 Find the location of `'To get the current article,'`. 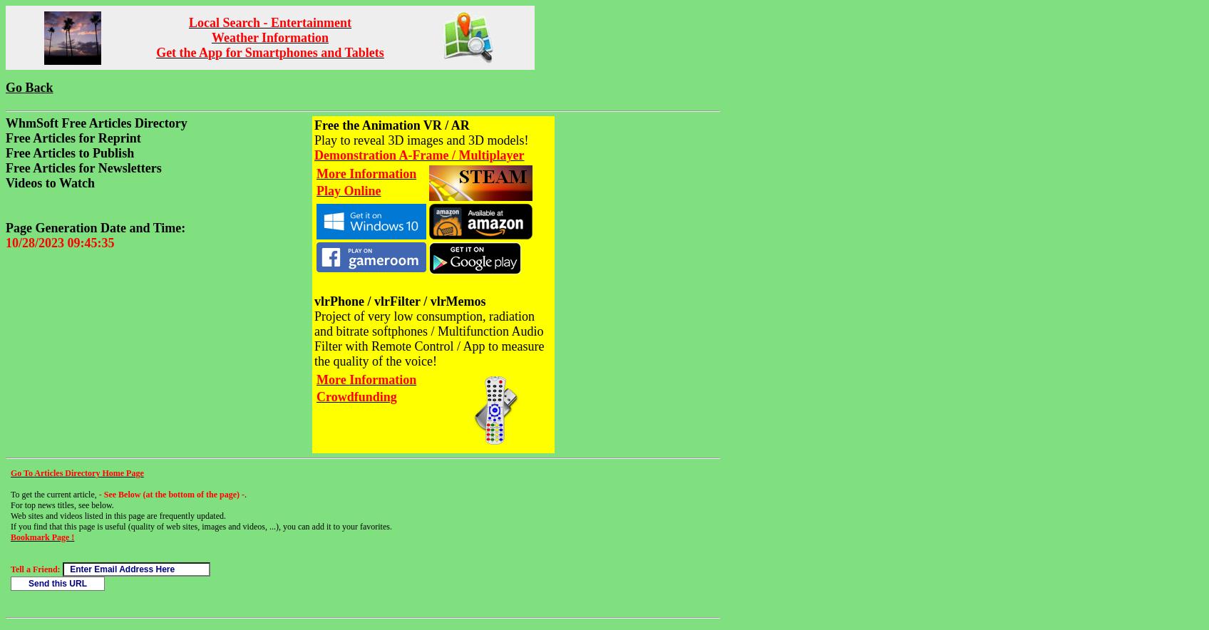

'To get the current article,' is located at coordinates (53, 495).